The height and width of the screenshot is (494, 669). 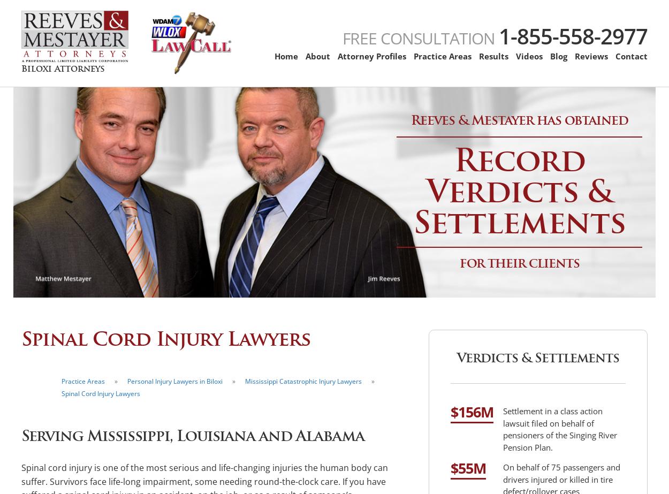 I want to click on 'Videos', so click(x=529, y=56).